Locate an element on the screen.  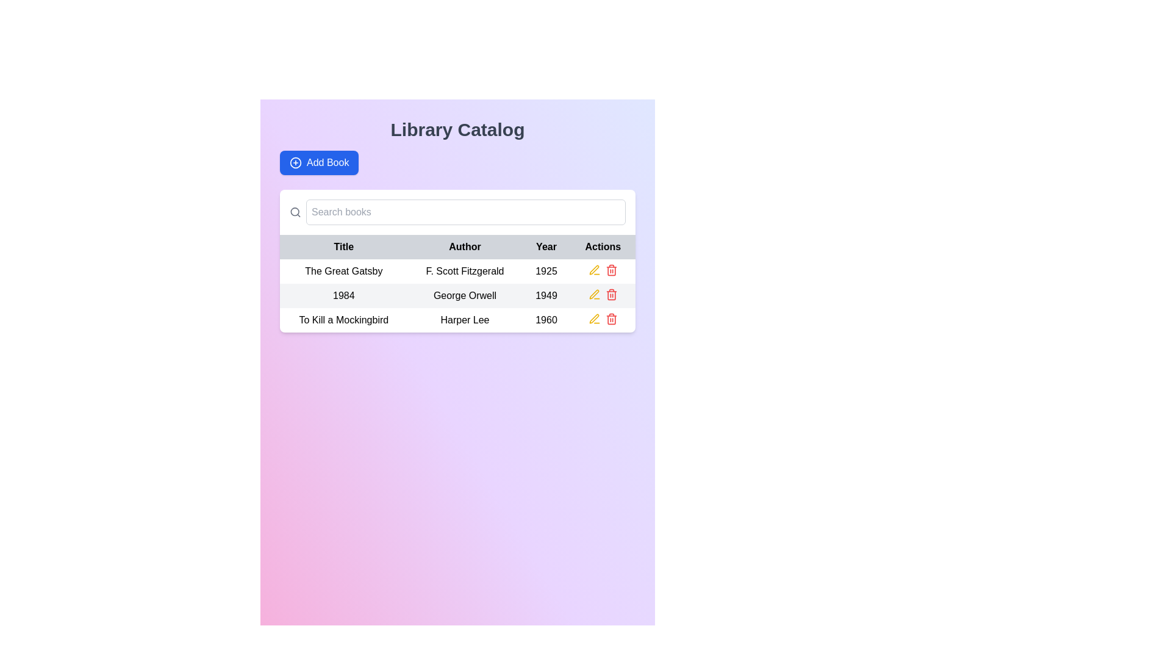
the text label displaying 'George Orwell' located in the second row under the 'Author' column of the table for the book '1984' is located at coordinates (464, 296).